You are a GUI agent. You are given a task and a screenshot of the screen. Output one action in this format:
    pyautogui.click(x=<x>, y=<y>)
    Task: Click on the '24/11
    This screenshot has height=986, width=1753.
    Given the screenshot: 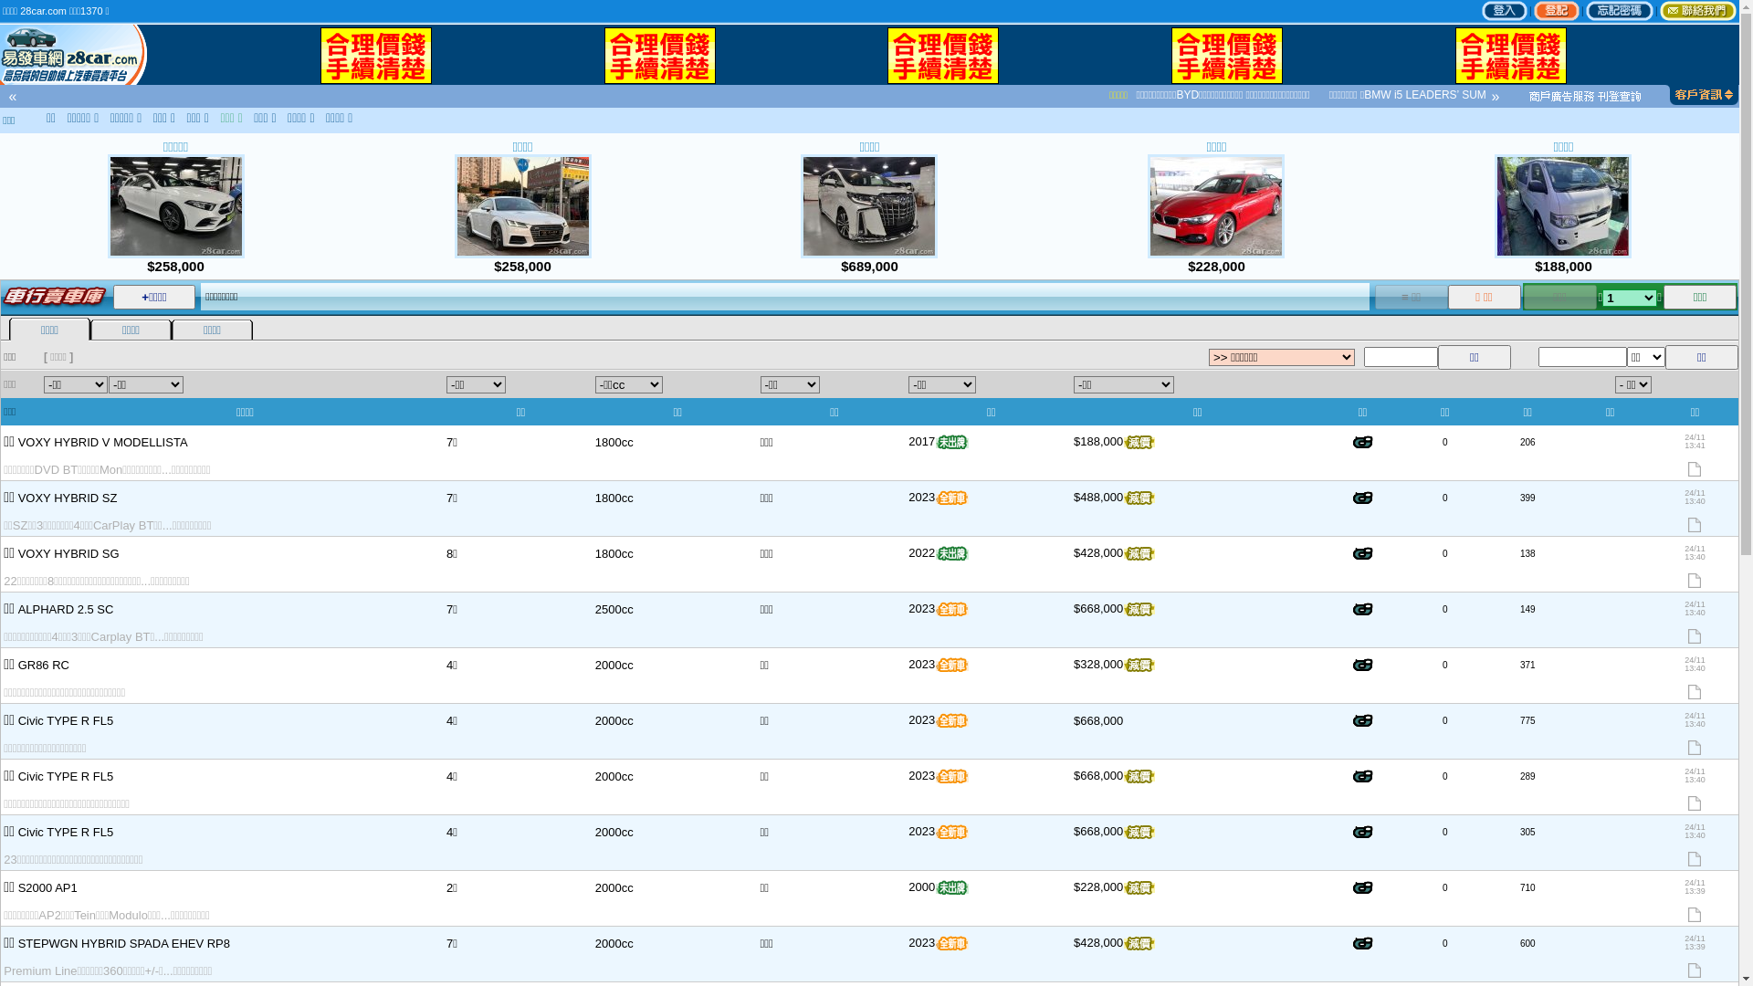 What is the action you would take?
    pyautogui.click(x=1694, y=452)
    